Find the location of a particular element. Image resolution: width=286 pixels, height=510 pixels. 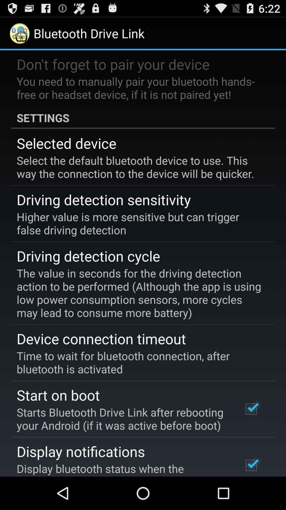

the select the default icon is located at coordinates (139, 167).